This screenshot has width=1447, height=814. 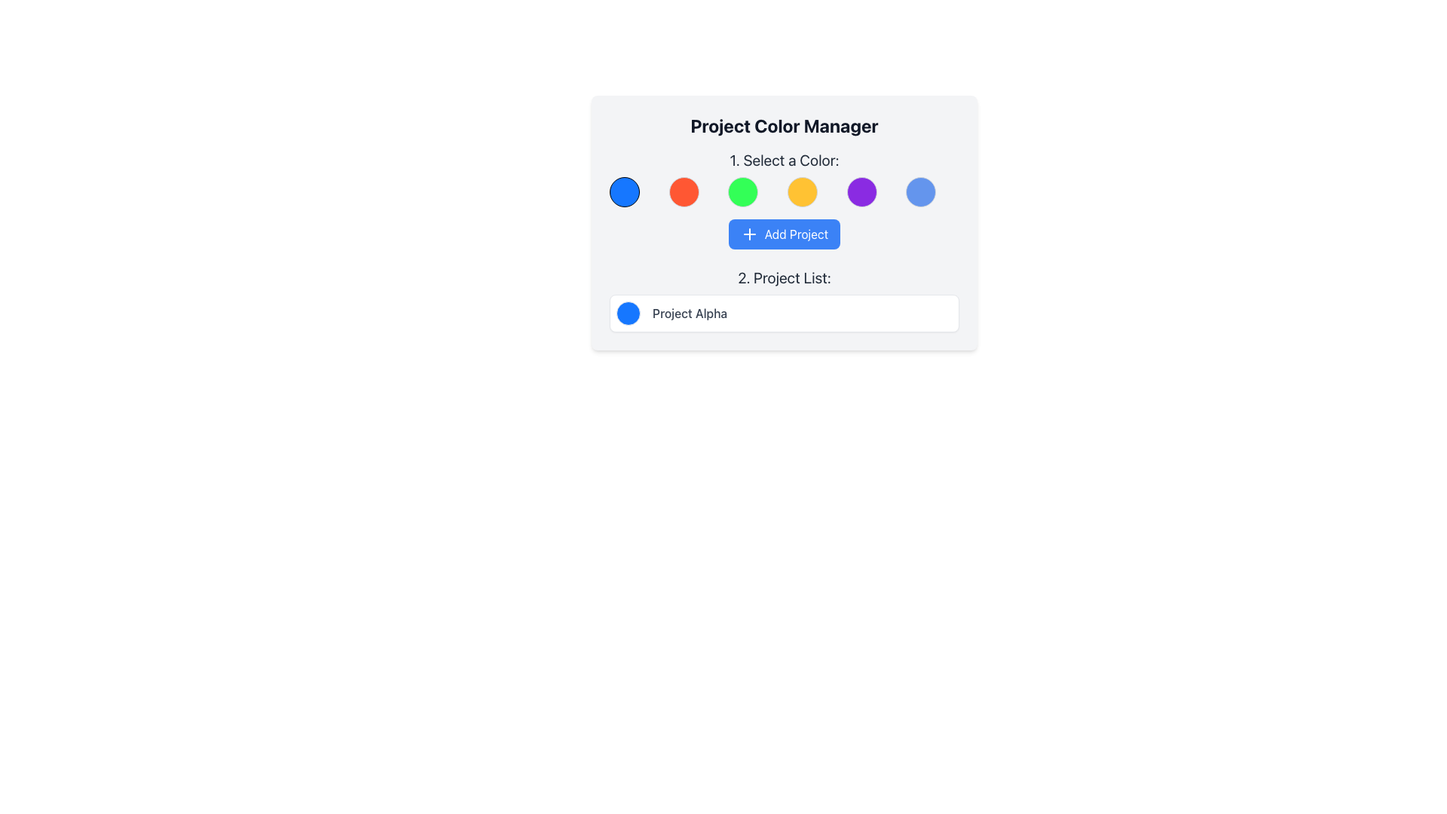 I want to click on the text label 'Project Alpha', which is styled with gray color and medium font weight, located to the right of a blue circular icon within the project manager panel's list entry, so click(x=689, y=313).